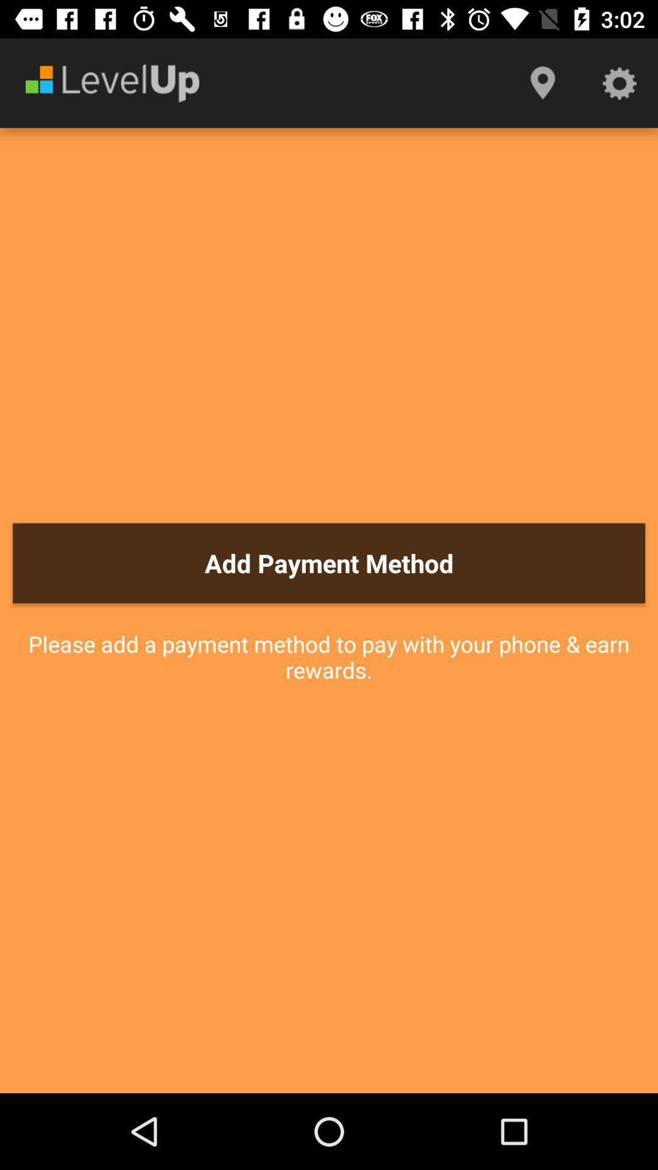  What do you see at coordinates (542, 82) in the screenshot?
I see `icon above the add payment method icon` at bounding box center [542, 82].